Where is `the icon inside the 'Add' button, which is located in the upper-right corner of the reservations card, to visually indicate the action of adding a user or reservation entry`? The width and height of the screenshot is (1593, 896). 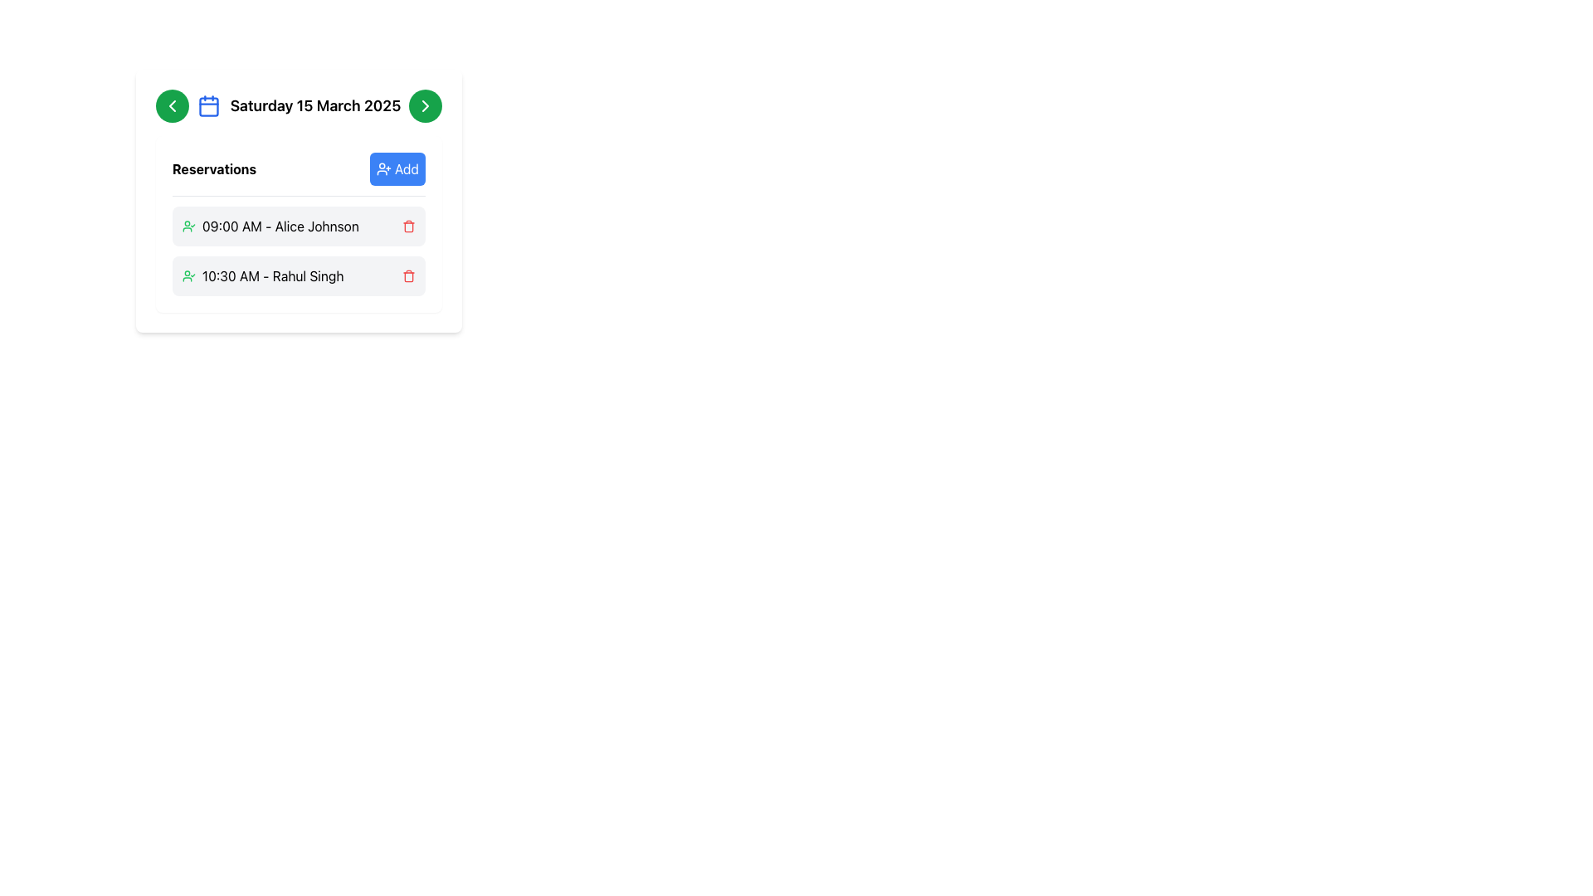
the icon inside the 'Add' button, which is located in the upper-right corner of the reservations card, to visually indicate the action of adding a user or reservation entry is located at coordinates (382, 169).